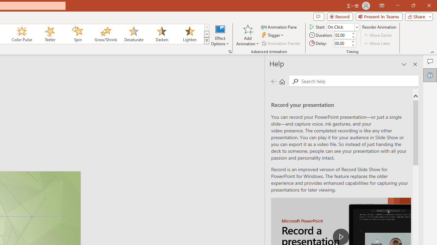 This screenshot has height=245, width=437. I want to click on 'Animation Pane', so click(279, 27).